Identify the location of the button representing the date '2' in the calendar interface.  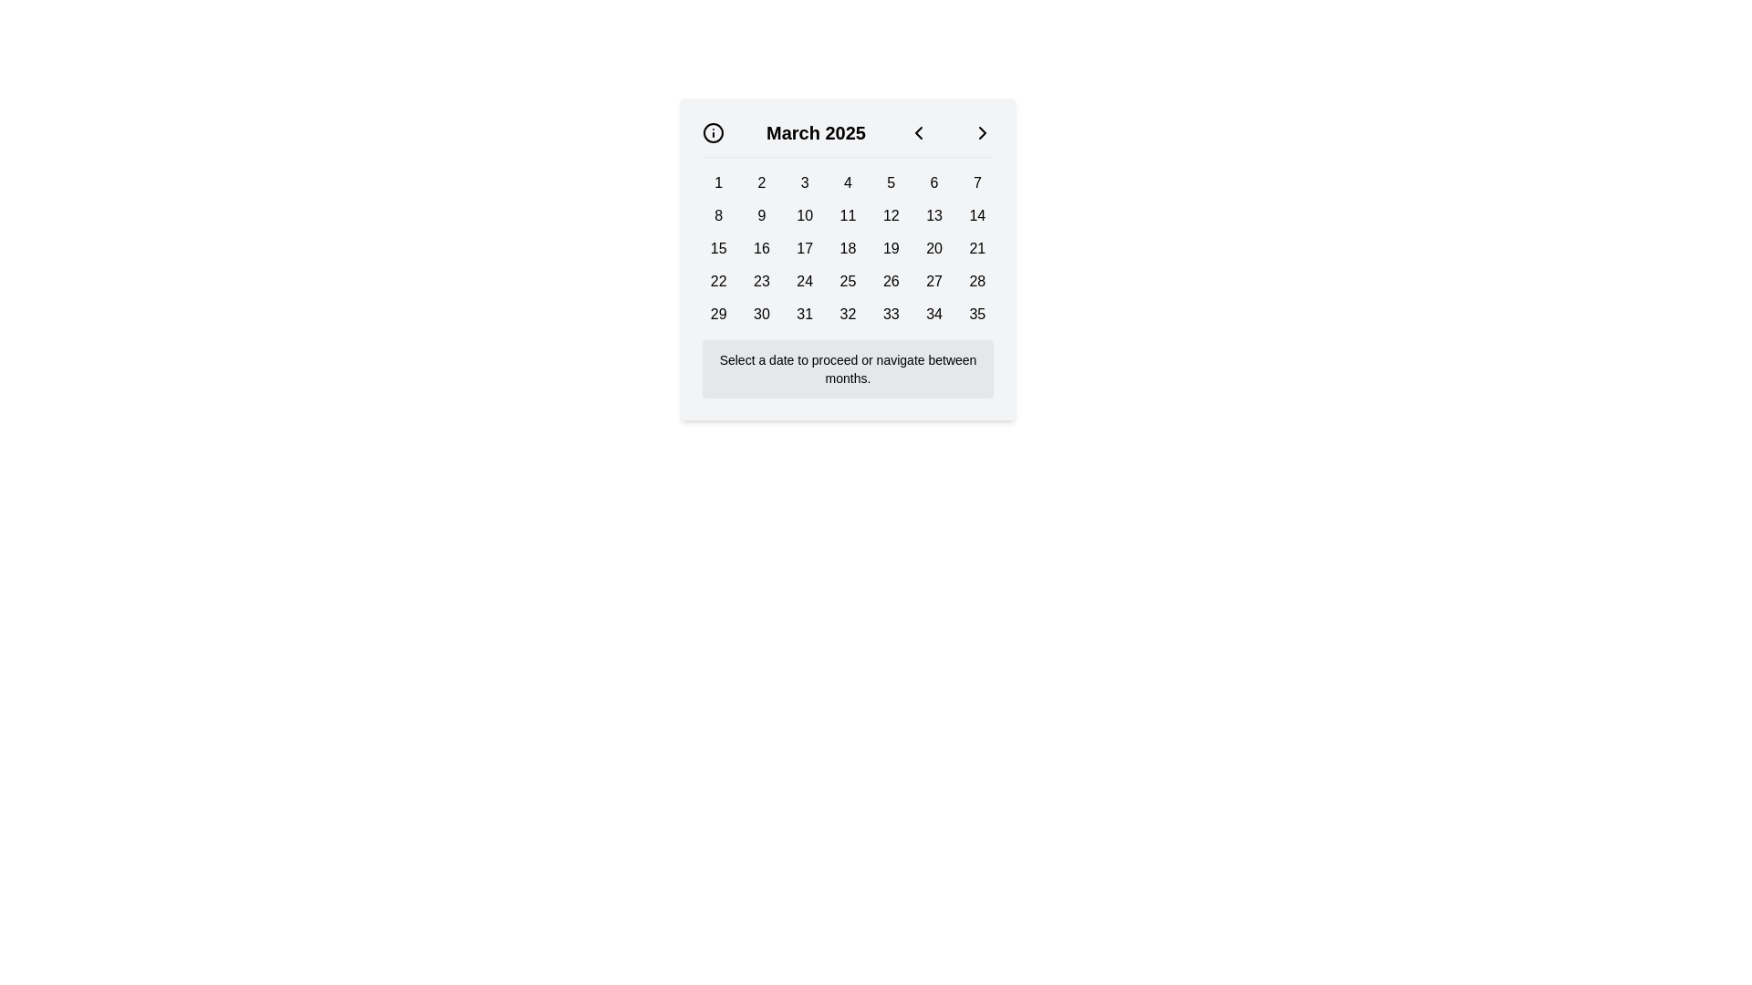
(762, 182).